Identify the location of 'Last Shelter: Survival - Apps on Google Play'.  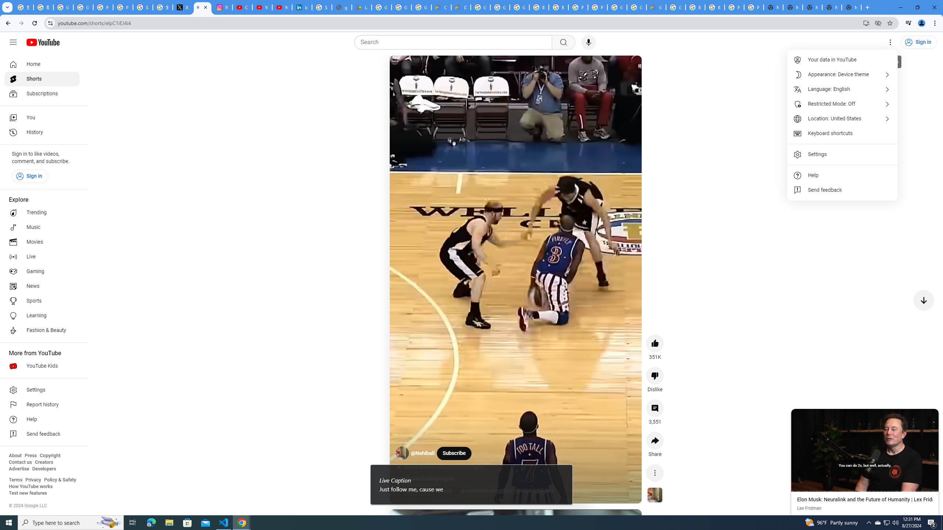
(362, 7).